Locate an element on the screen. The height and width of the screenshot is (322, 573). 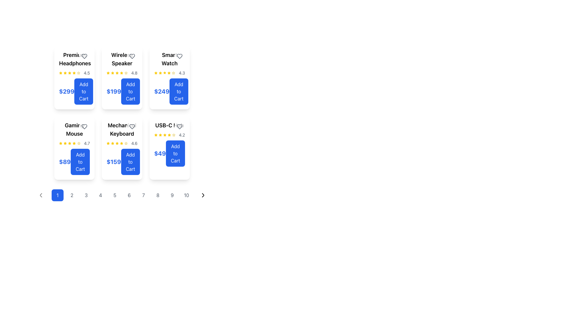
the sixth yellow star icon in the rating system of the 'Smart Watch' product card, located under the product title and above the Add to Cart button is located at coordinates (169, 73).